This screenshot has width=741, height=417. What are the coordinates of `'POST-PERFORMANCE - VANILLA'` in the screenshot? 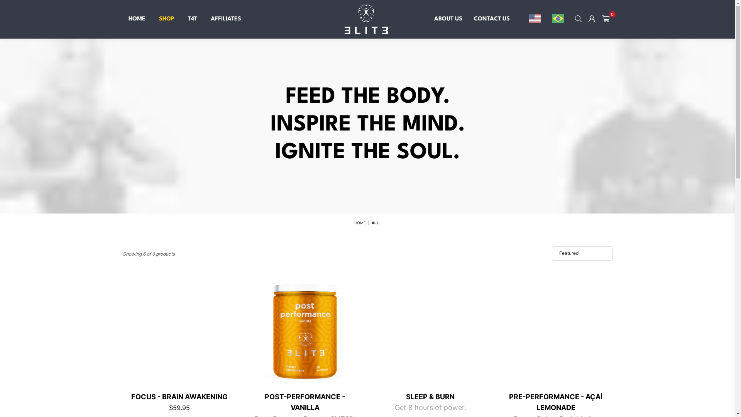 It's located at (305, 402).